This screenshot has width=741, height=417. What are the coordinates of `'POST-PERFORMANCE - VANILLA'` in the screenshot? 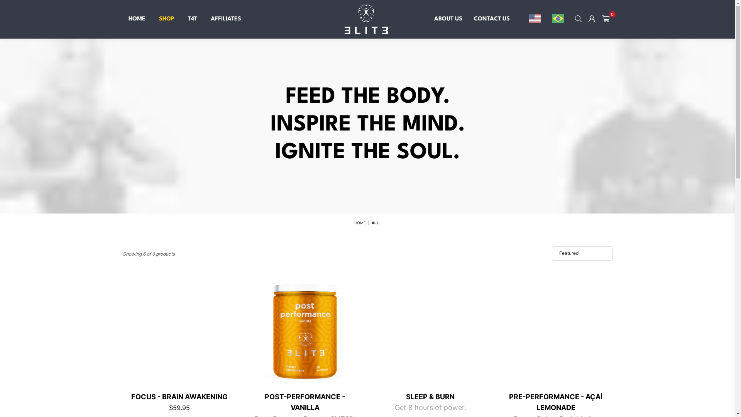 It's located at (305, 402).